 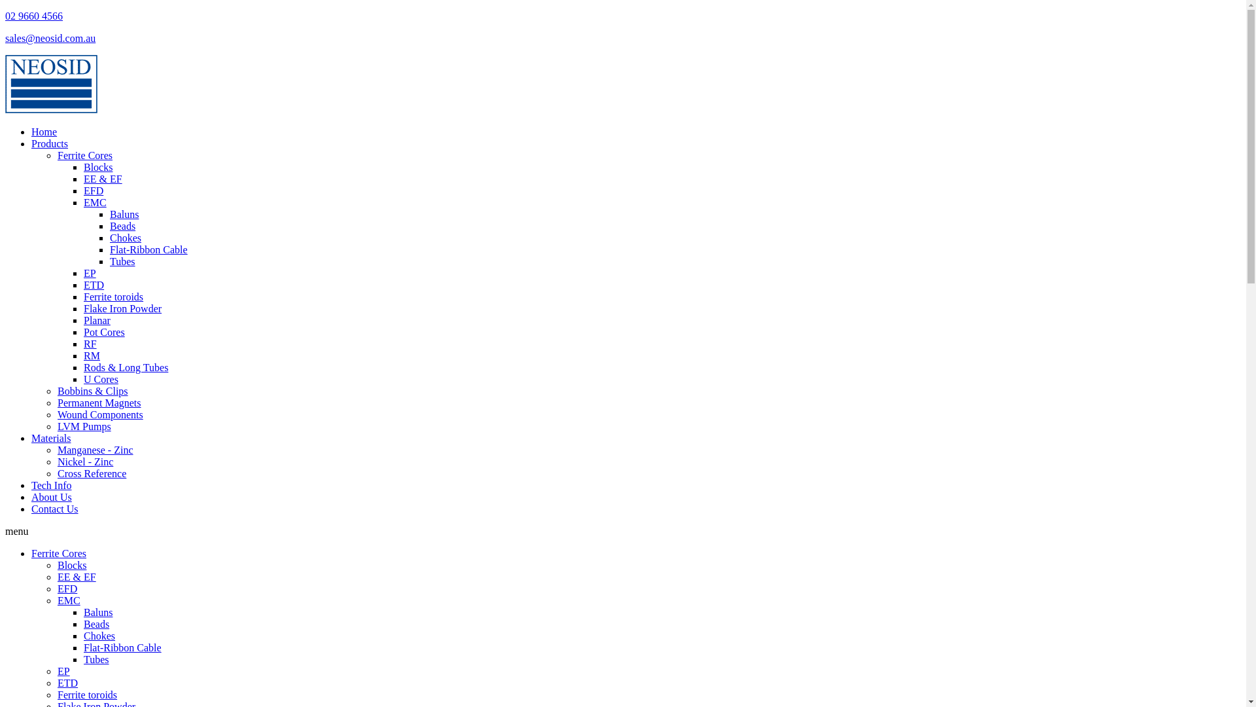 What do you see at coordinates (50, 143) in the screenshot?
I see `'Products'` at bounding box center [50, 143].